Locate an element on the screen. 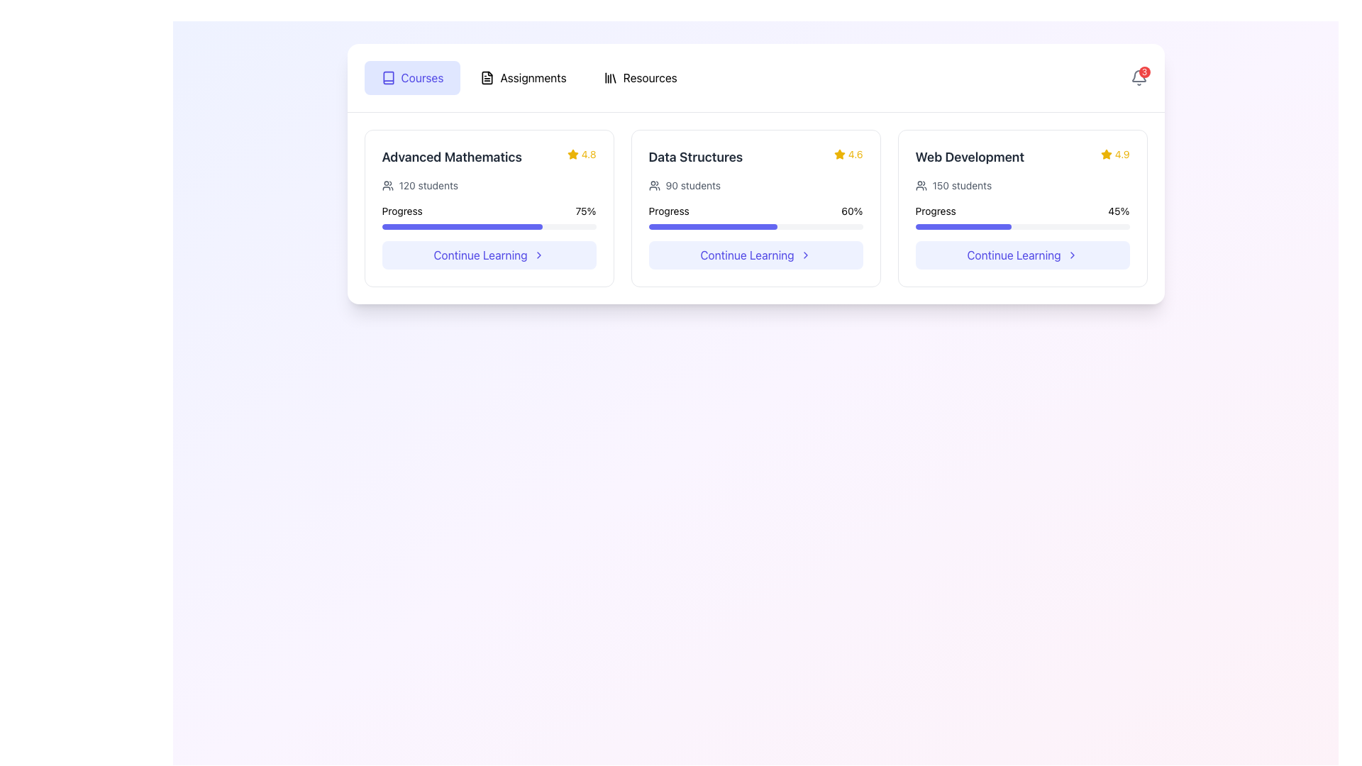  text label displaying '120 students' located within the 'Advanced Mathematics' card, to the right of the people icon, in the top-left section above the progress bar is located at coordinates (428, 185).